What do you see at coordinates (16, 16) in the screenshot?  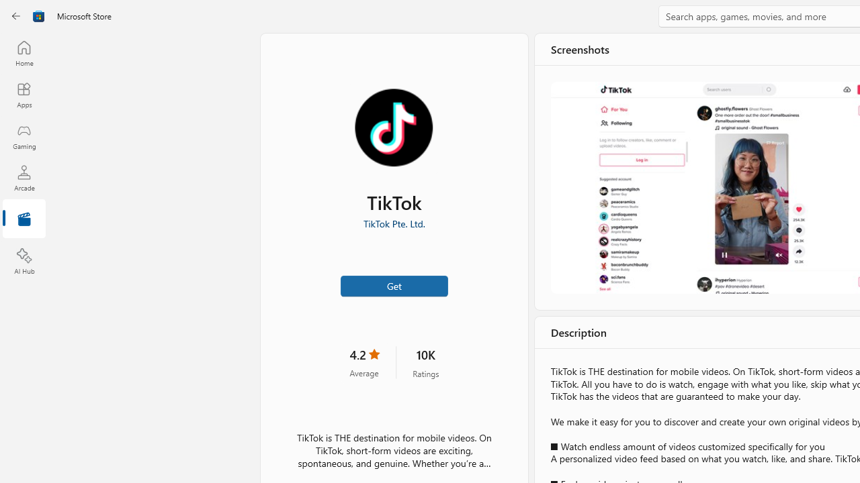 I see `'Back'` at bounding box center [16, 16].